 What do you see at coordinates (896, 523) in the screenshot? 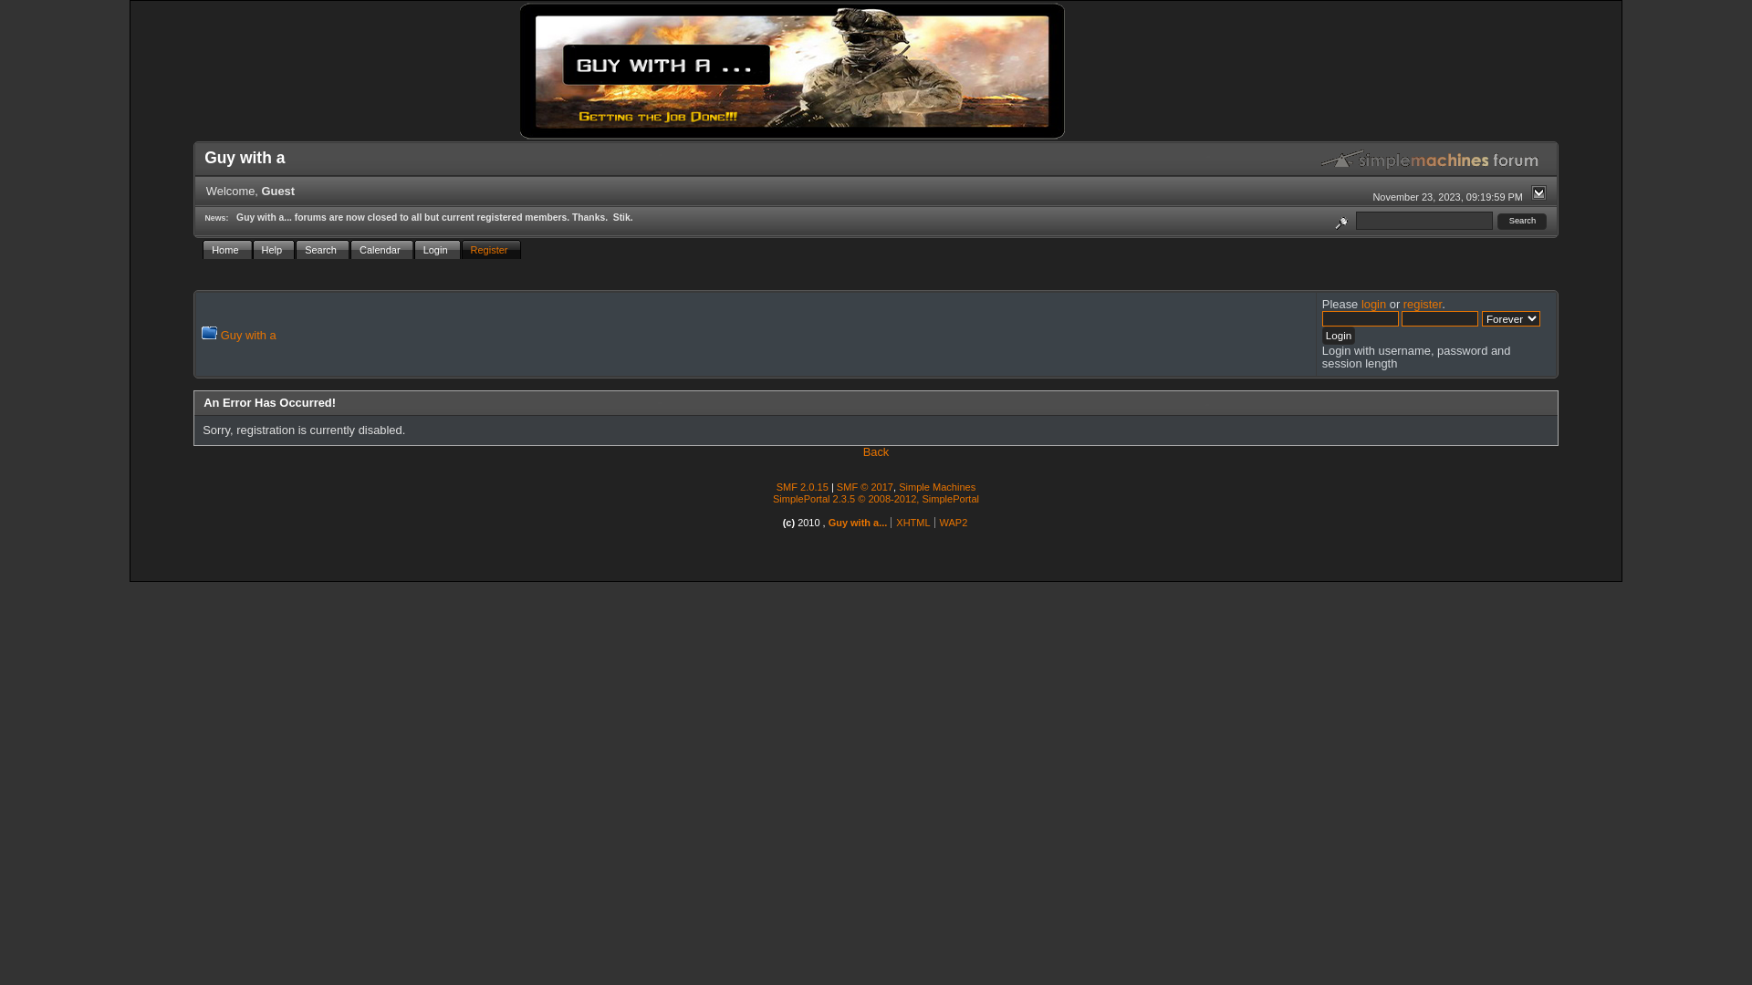
I see `'XHTML'` at bounding box center [896, 523].